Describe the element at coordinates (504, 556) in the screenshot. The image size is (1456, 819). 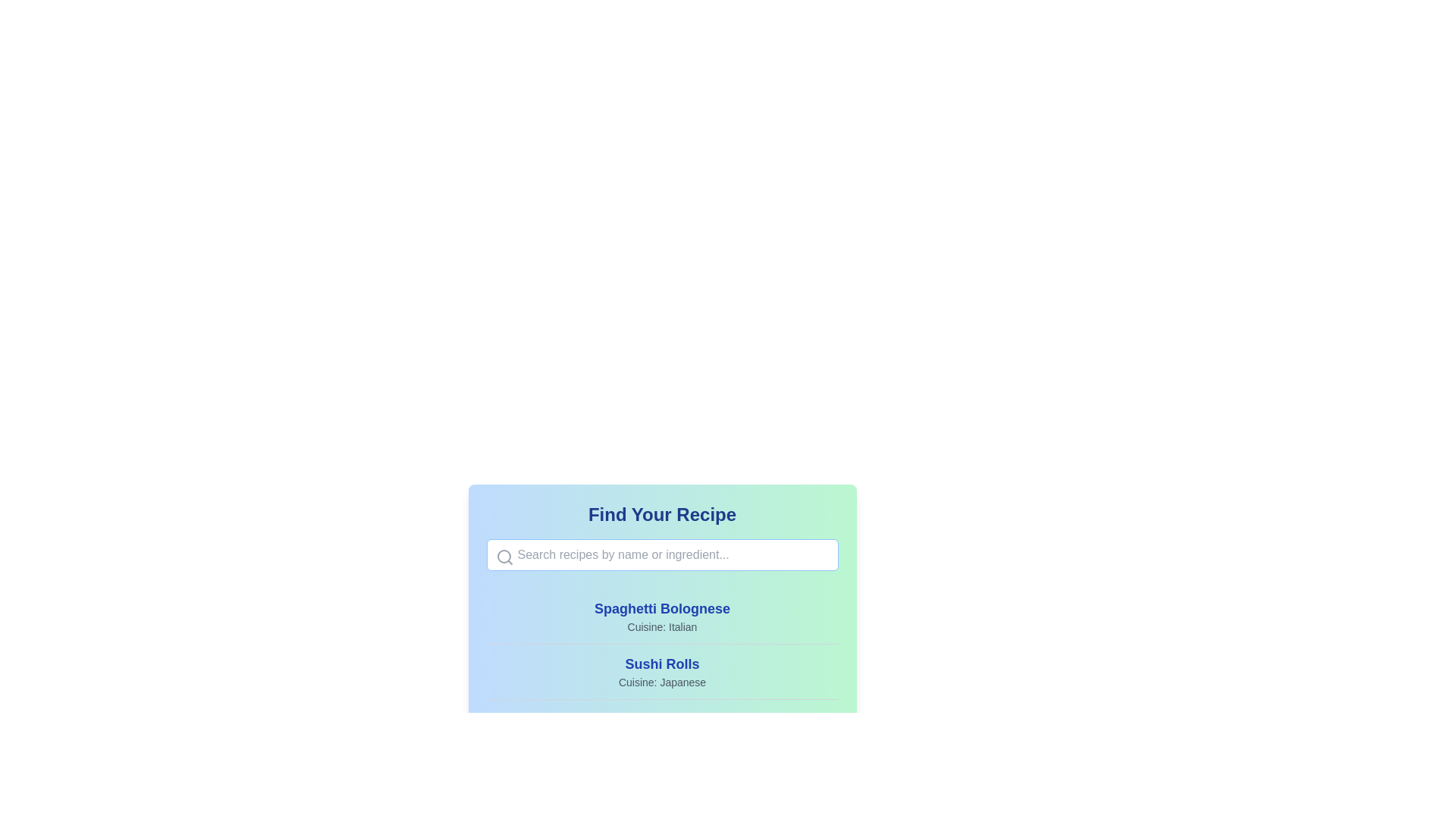
I see `the visual representation of the circular decorative element within the search icon located at the top left corner of the search bar` at that location.